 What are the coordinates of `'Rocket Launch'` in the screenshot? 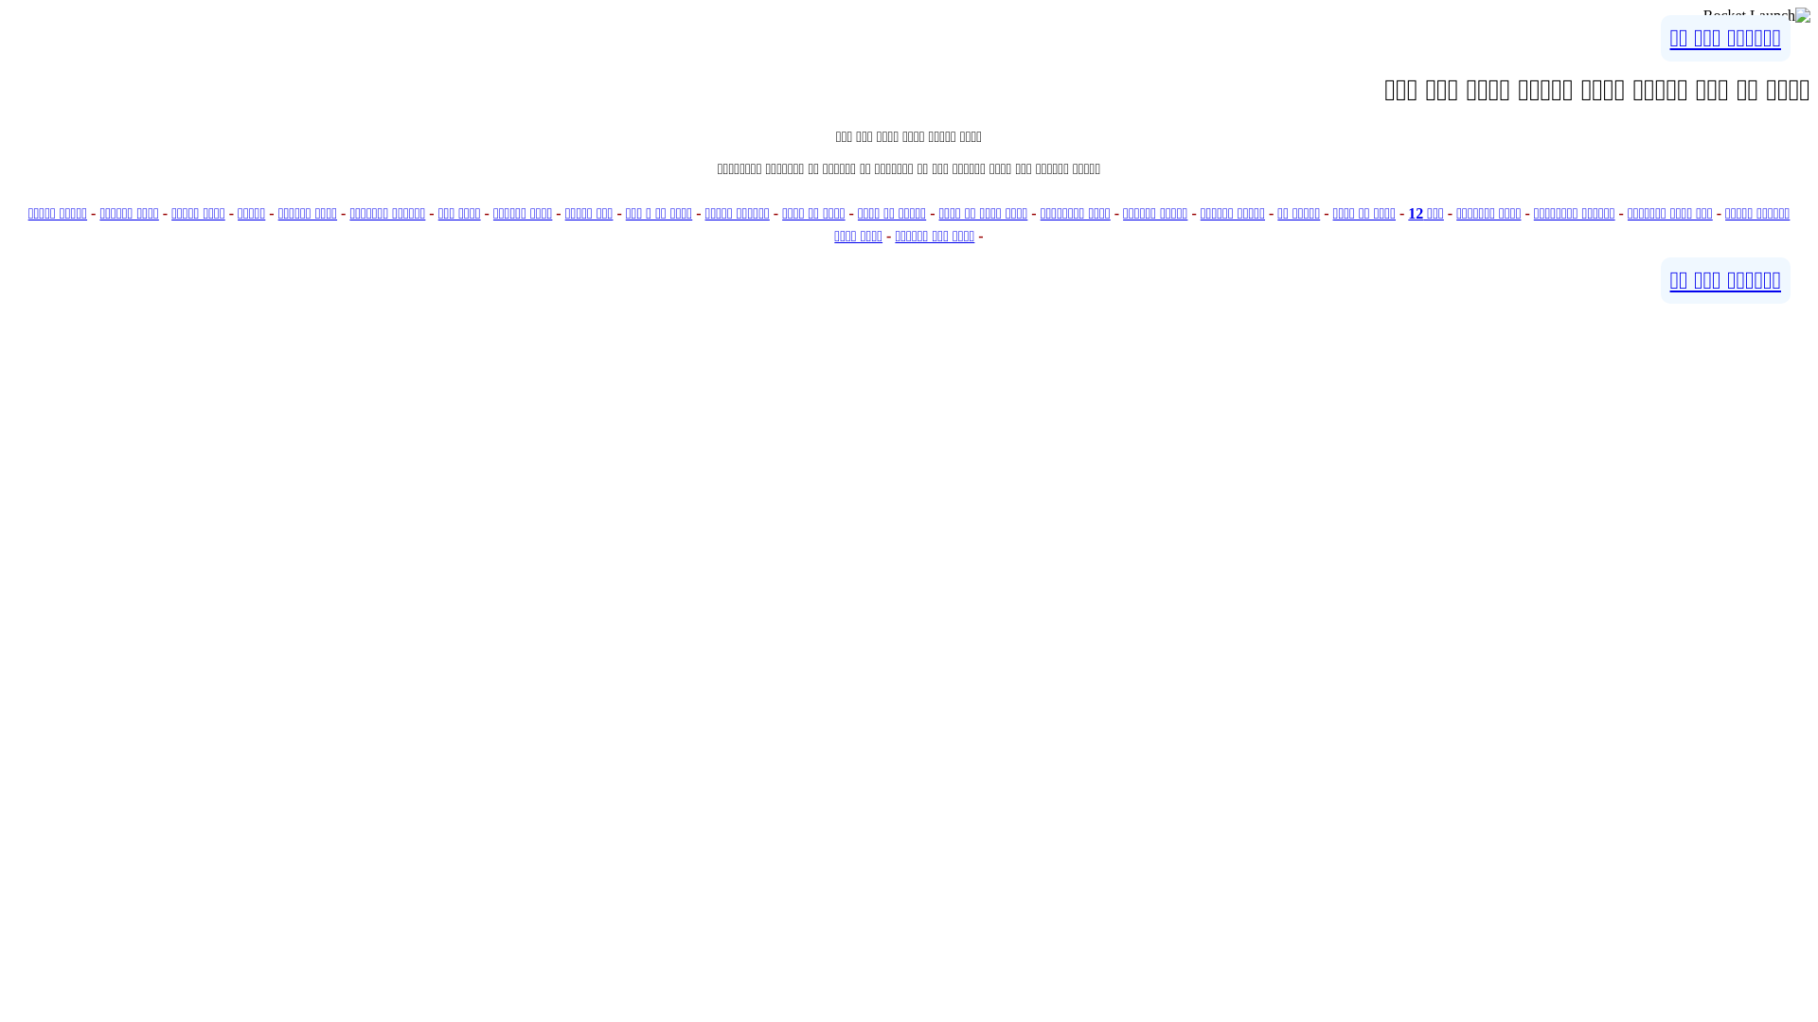 It's located at (1756, 15).